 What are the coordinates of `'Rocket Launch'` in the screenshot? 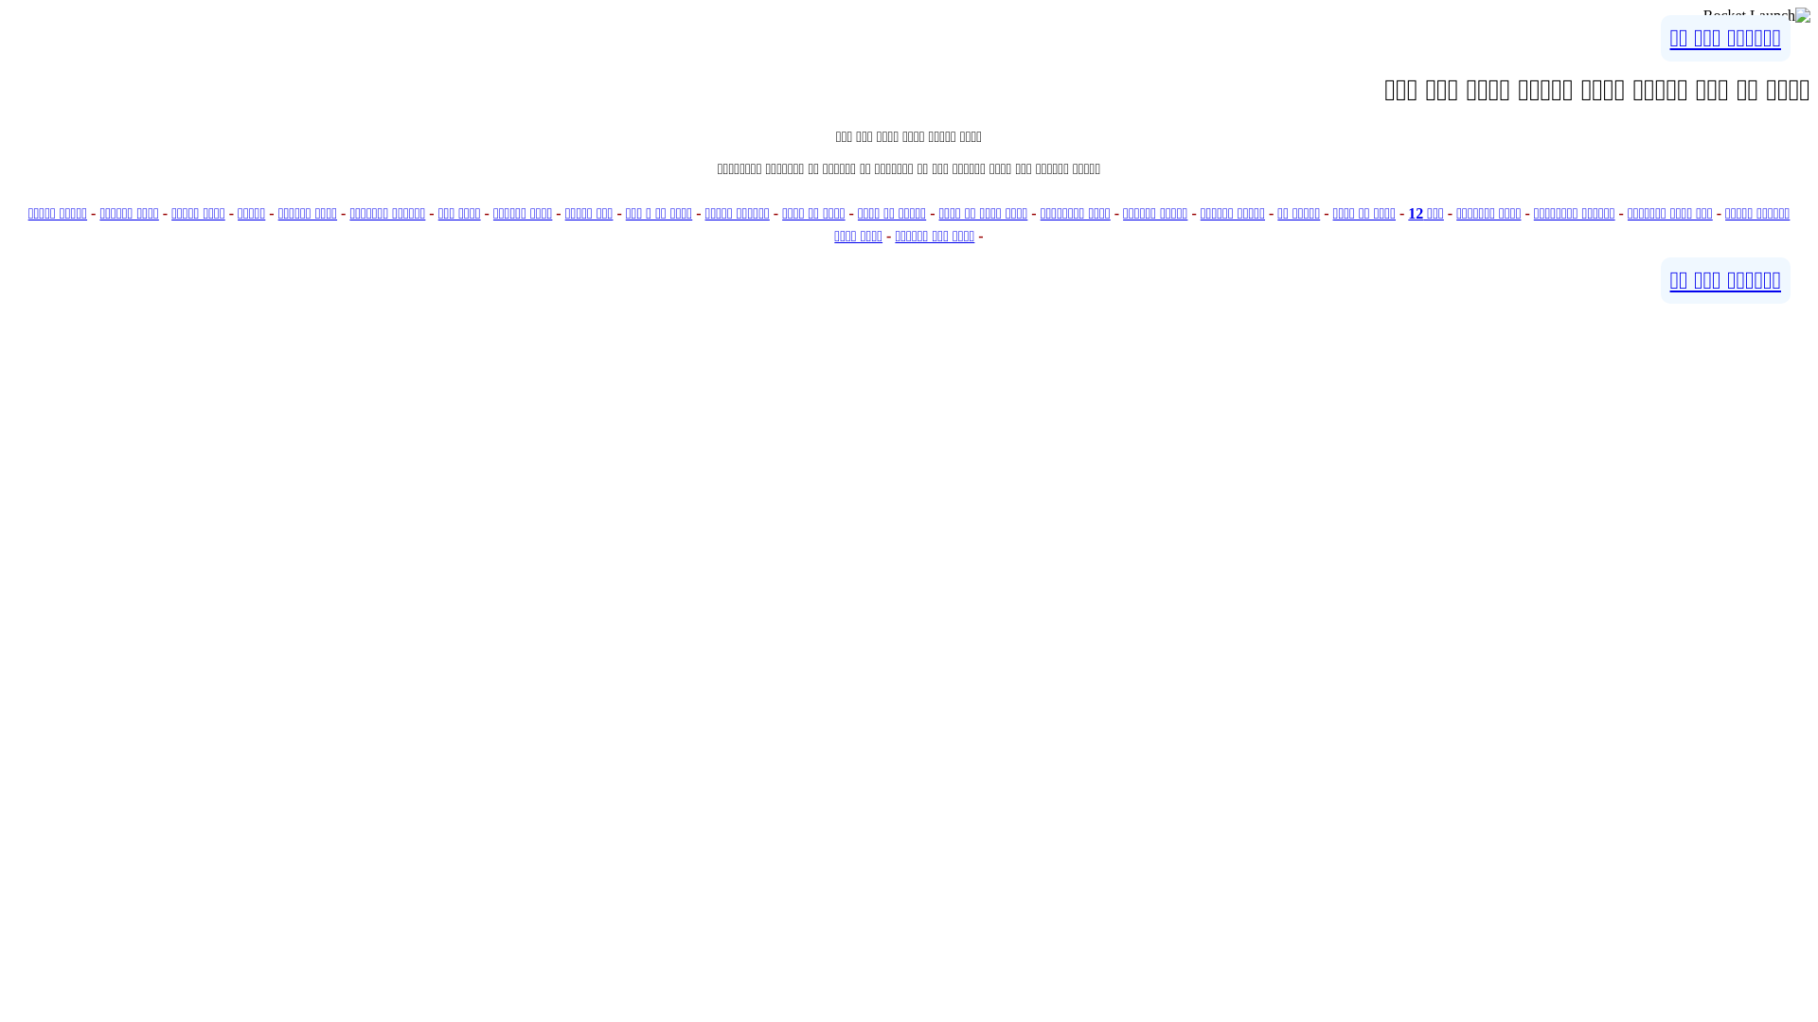 It's located at (1756, 15).